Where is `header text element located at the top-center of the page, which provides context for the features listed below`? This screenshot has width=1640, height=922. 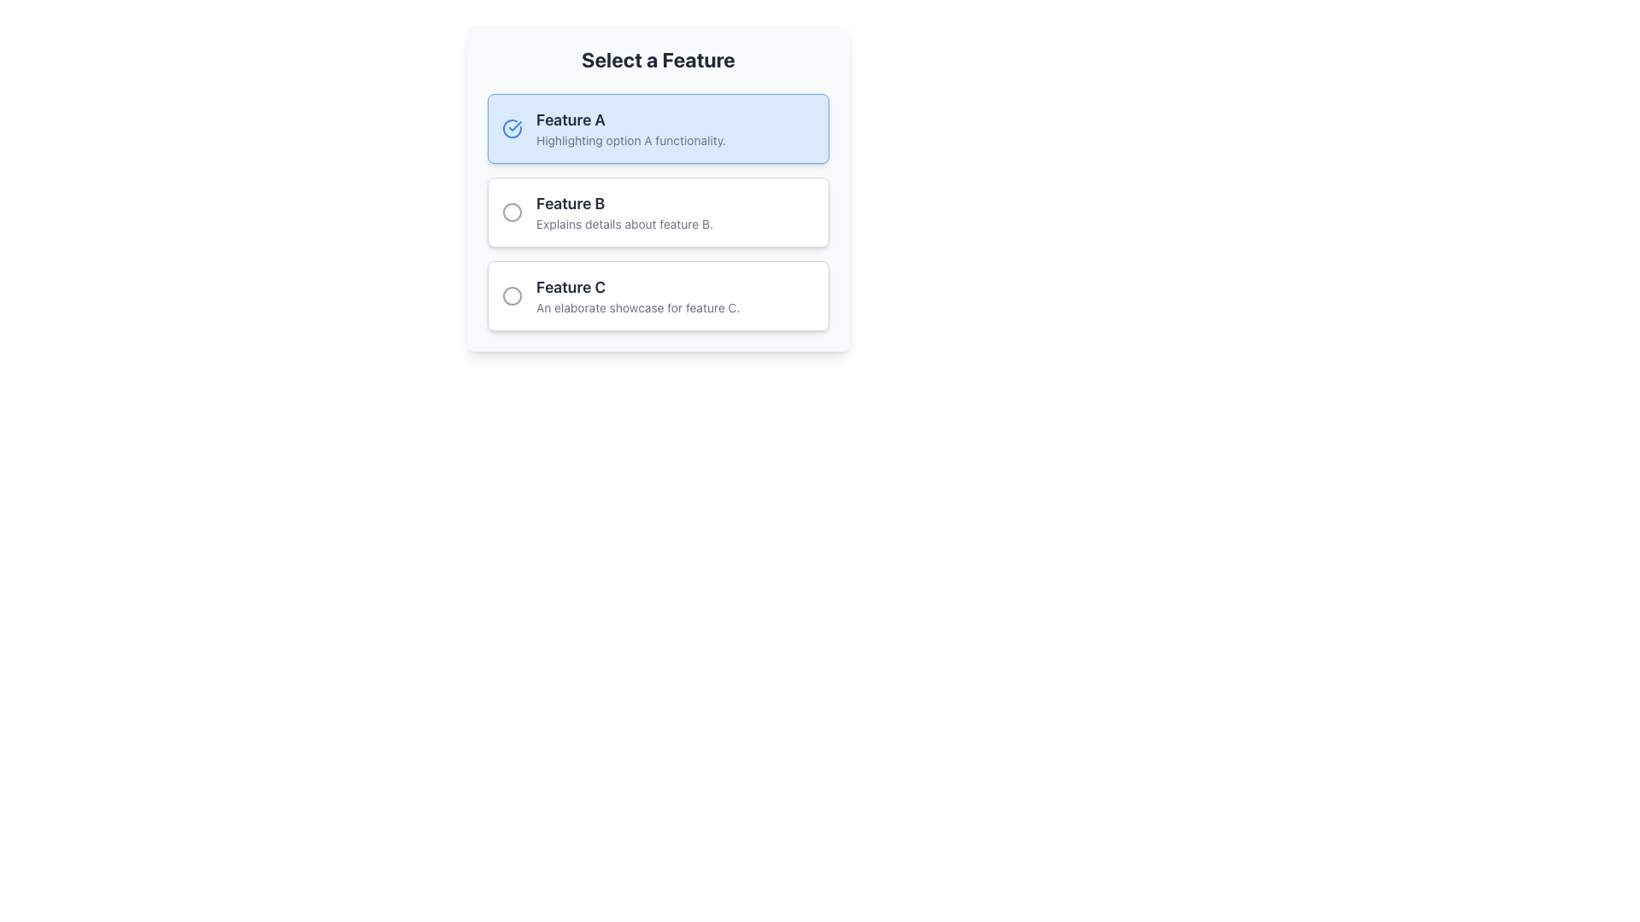
header text element located at the top-center of the page, which provides context for the features listed below is located at coordinates (658, 58).